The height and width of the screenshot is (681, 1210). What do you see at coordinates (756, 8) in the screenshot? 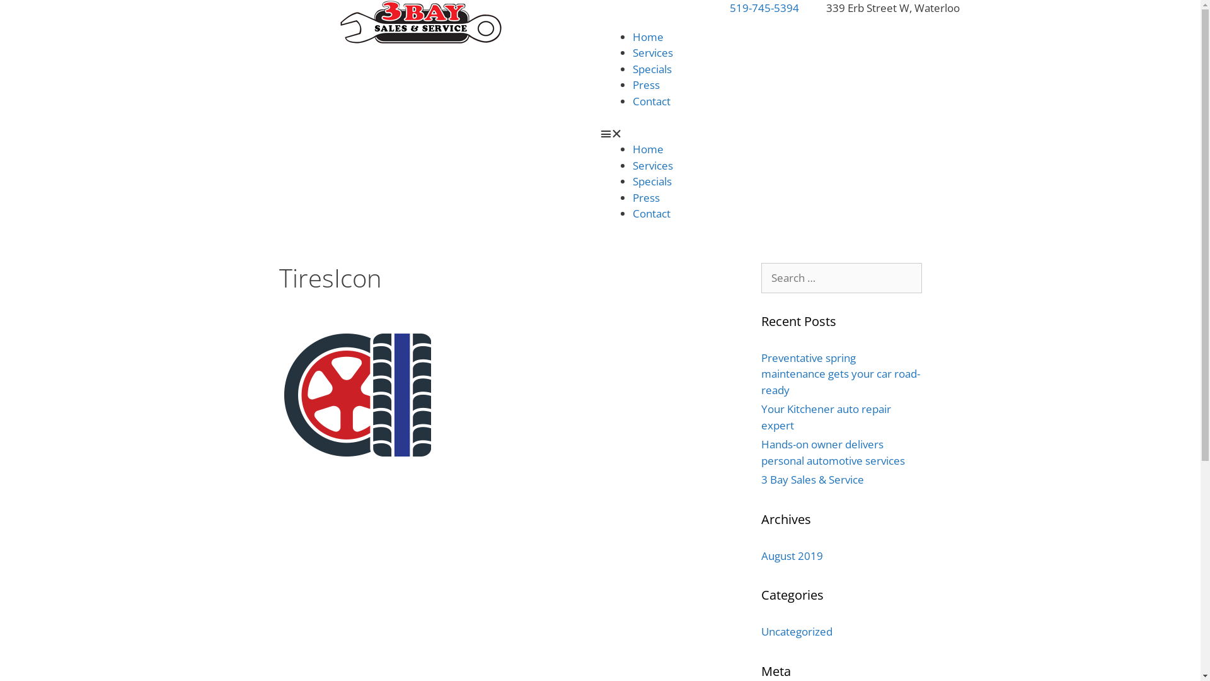
I see `'519-745-5394'` at bounding box center [756, 8].